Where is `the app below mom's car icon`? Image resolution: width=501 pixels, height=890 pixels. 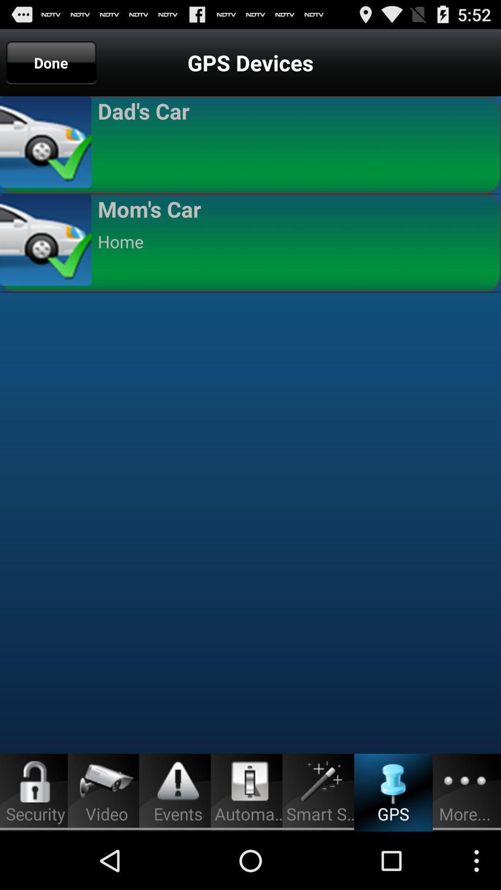
the app below mom's car icon is located at coordinates (295, 242).